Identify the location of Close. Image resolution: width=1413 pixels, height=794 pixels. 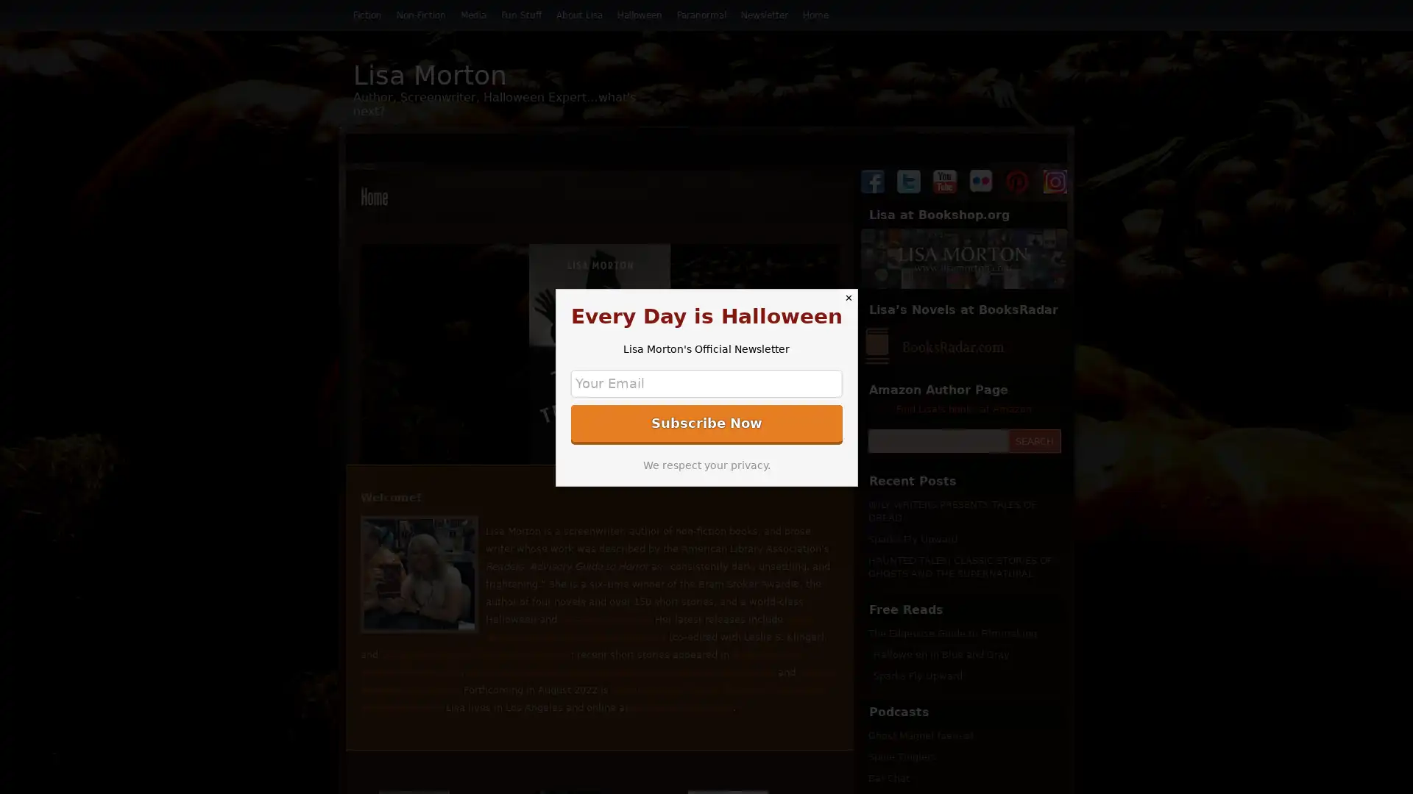
(848, 298).